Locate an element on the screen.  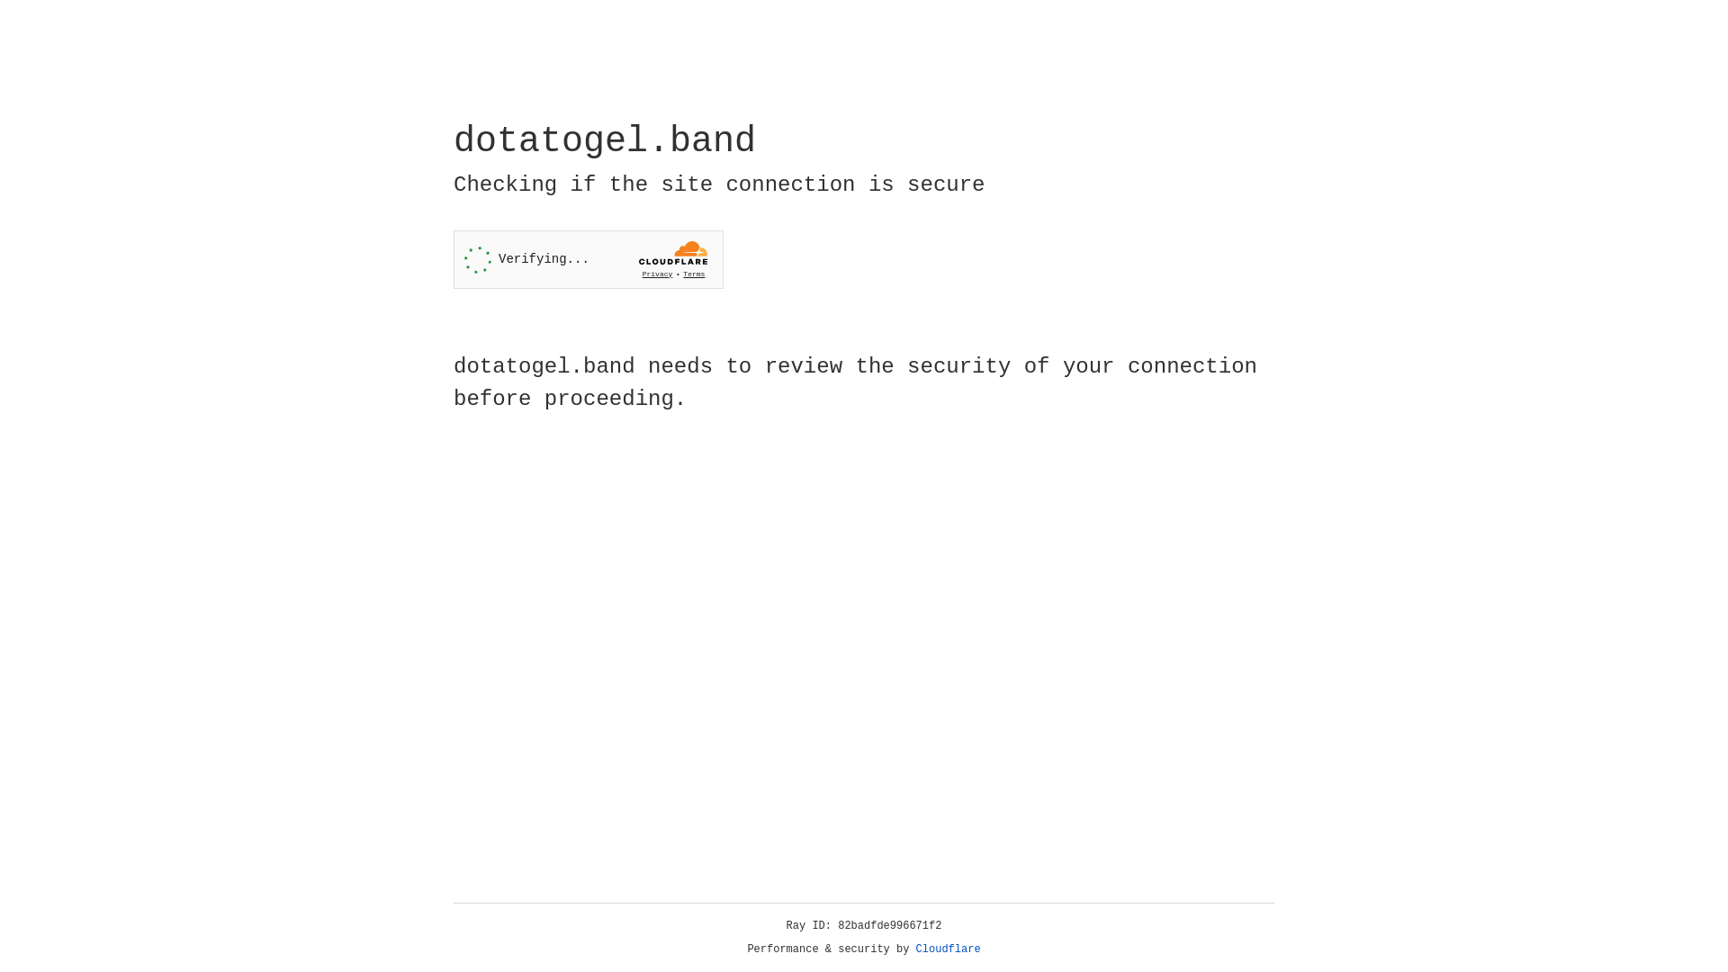
'Widget containing a Cloudflare security challenge' is located at coordinates (588, 259).